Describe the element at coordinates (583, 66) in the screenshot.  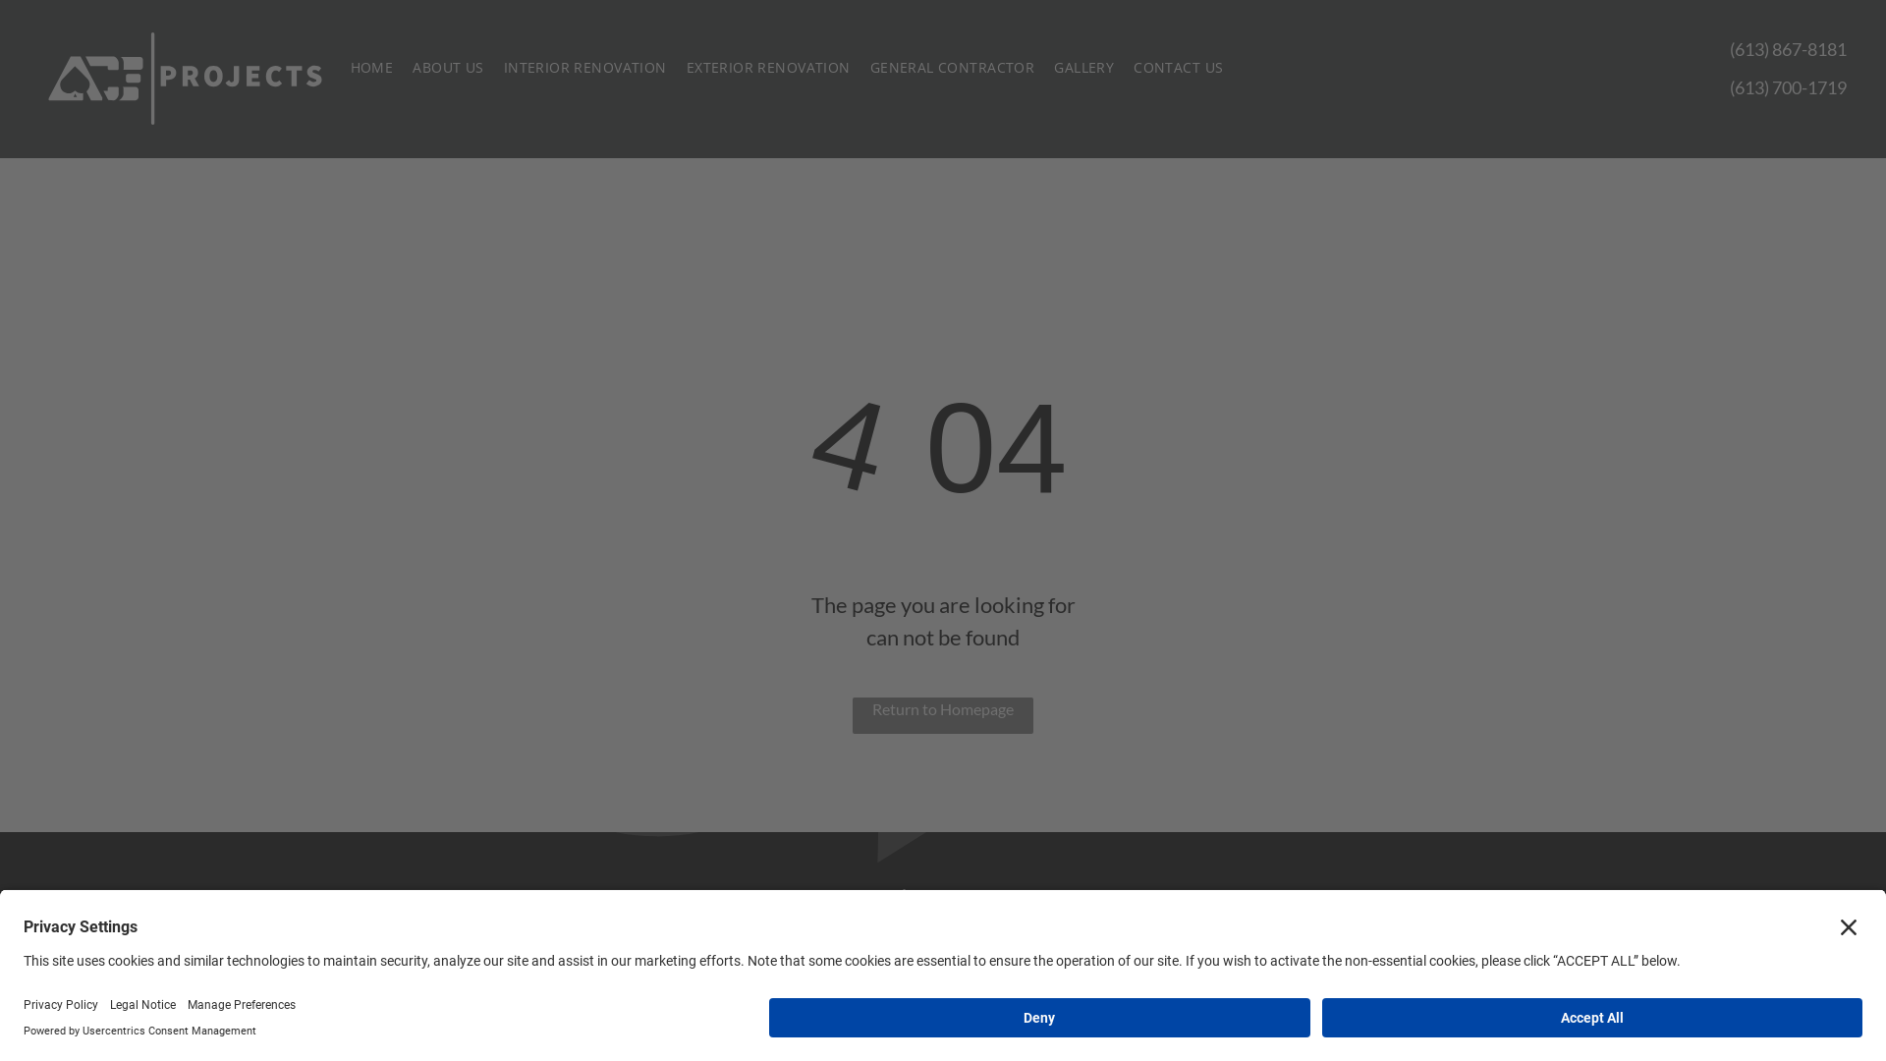
I see `'INTERIOR RENOVATION'` at that location.